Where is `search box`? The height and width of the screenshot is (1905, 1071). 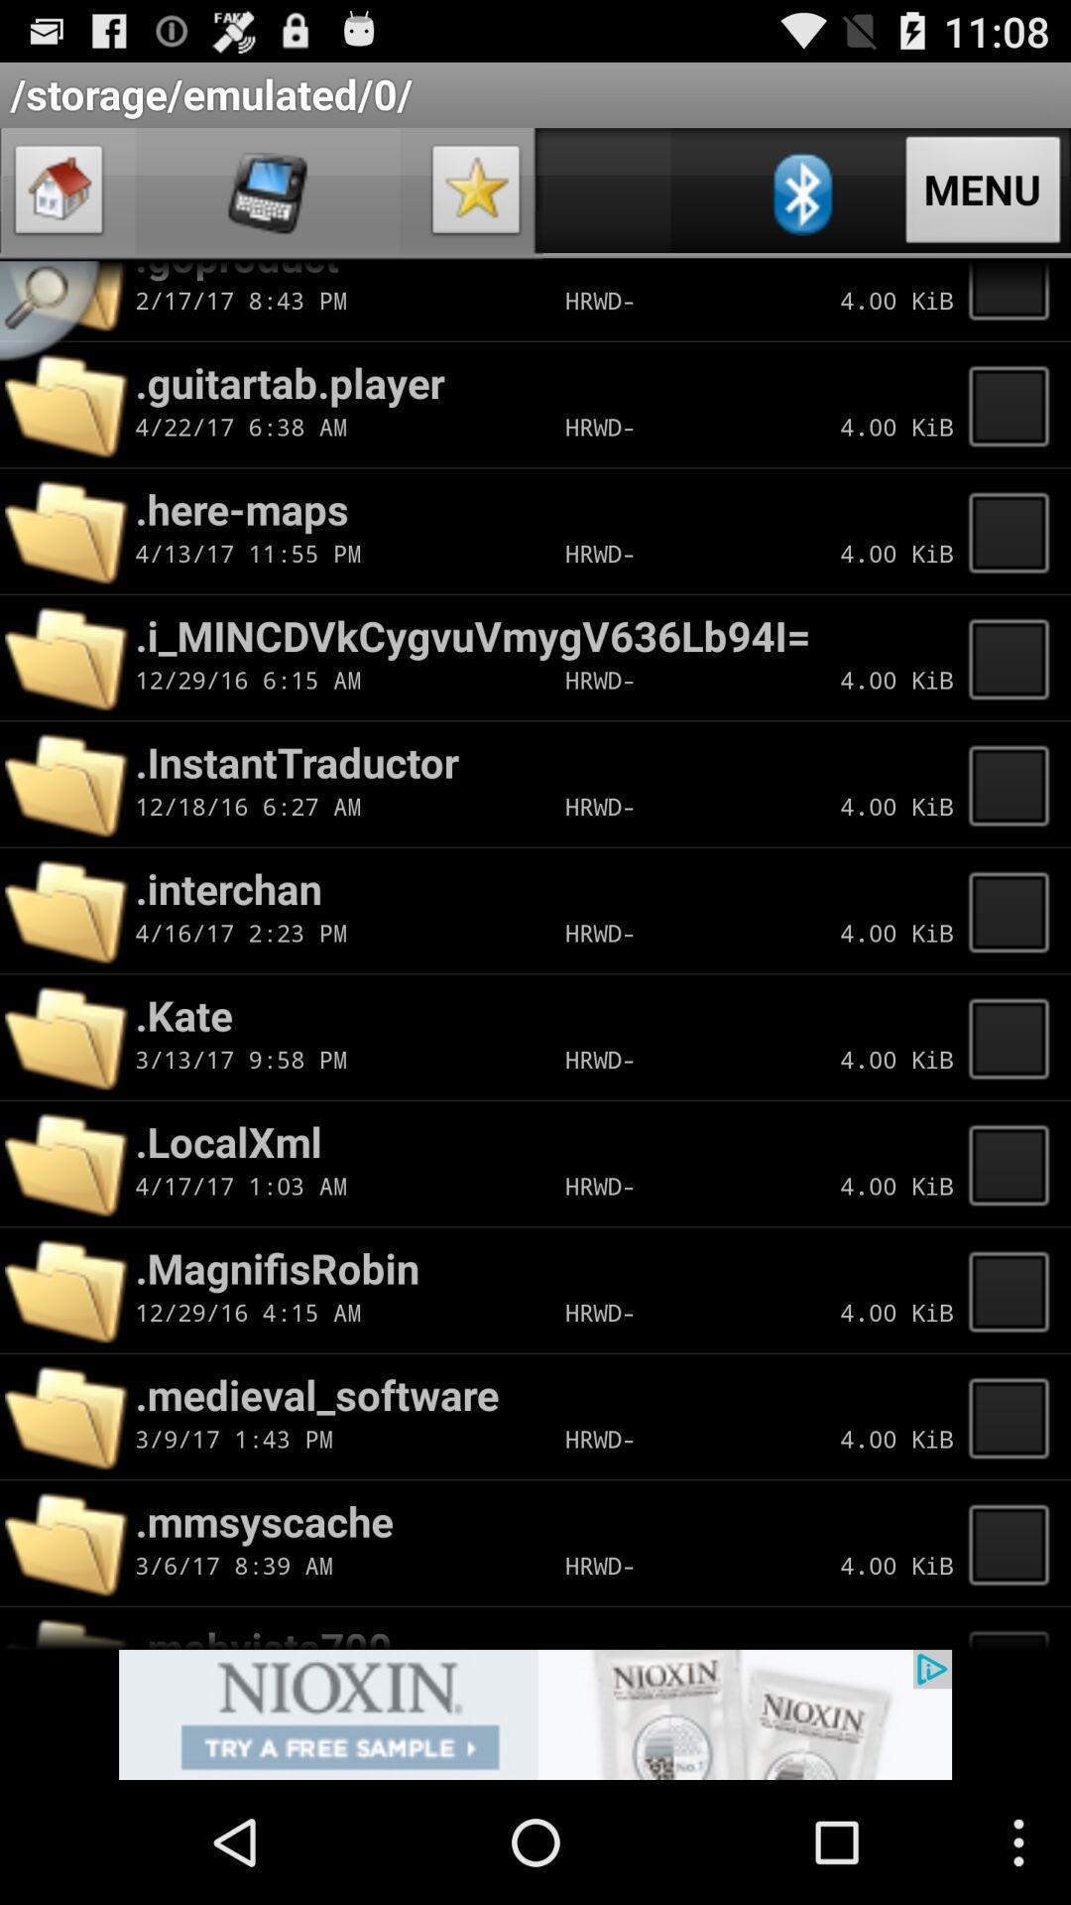
search box is located at coordinates (56, 318).